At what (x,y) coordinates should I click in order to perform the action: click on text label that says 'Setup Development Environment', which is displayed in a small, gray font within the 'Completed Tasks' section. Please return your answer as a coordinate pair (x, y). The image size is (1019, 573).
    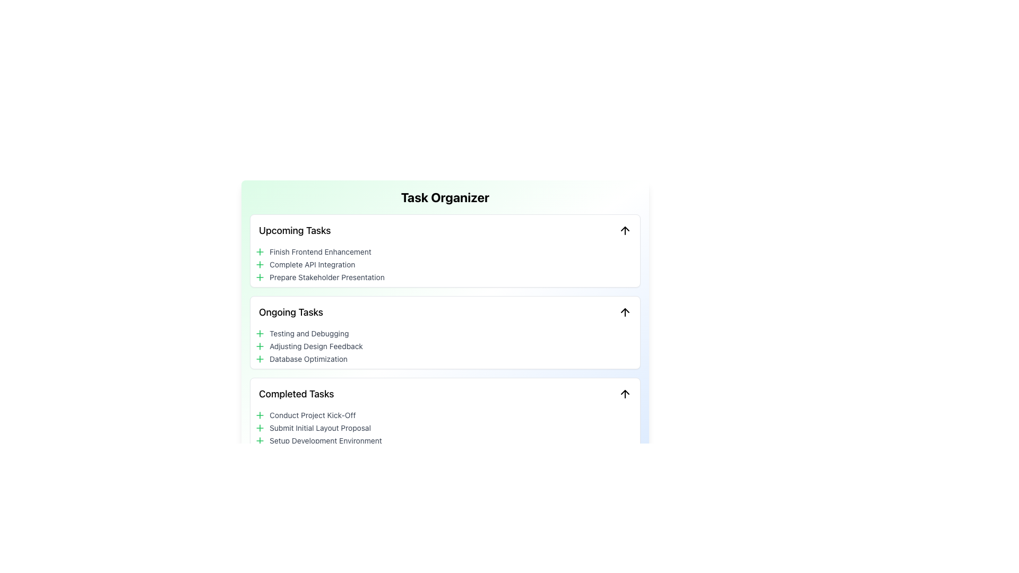
    Looking at the image, I should click on (325, 440).